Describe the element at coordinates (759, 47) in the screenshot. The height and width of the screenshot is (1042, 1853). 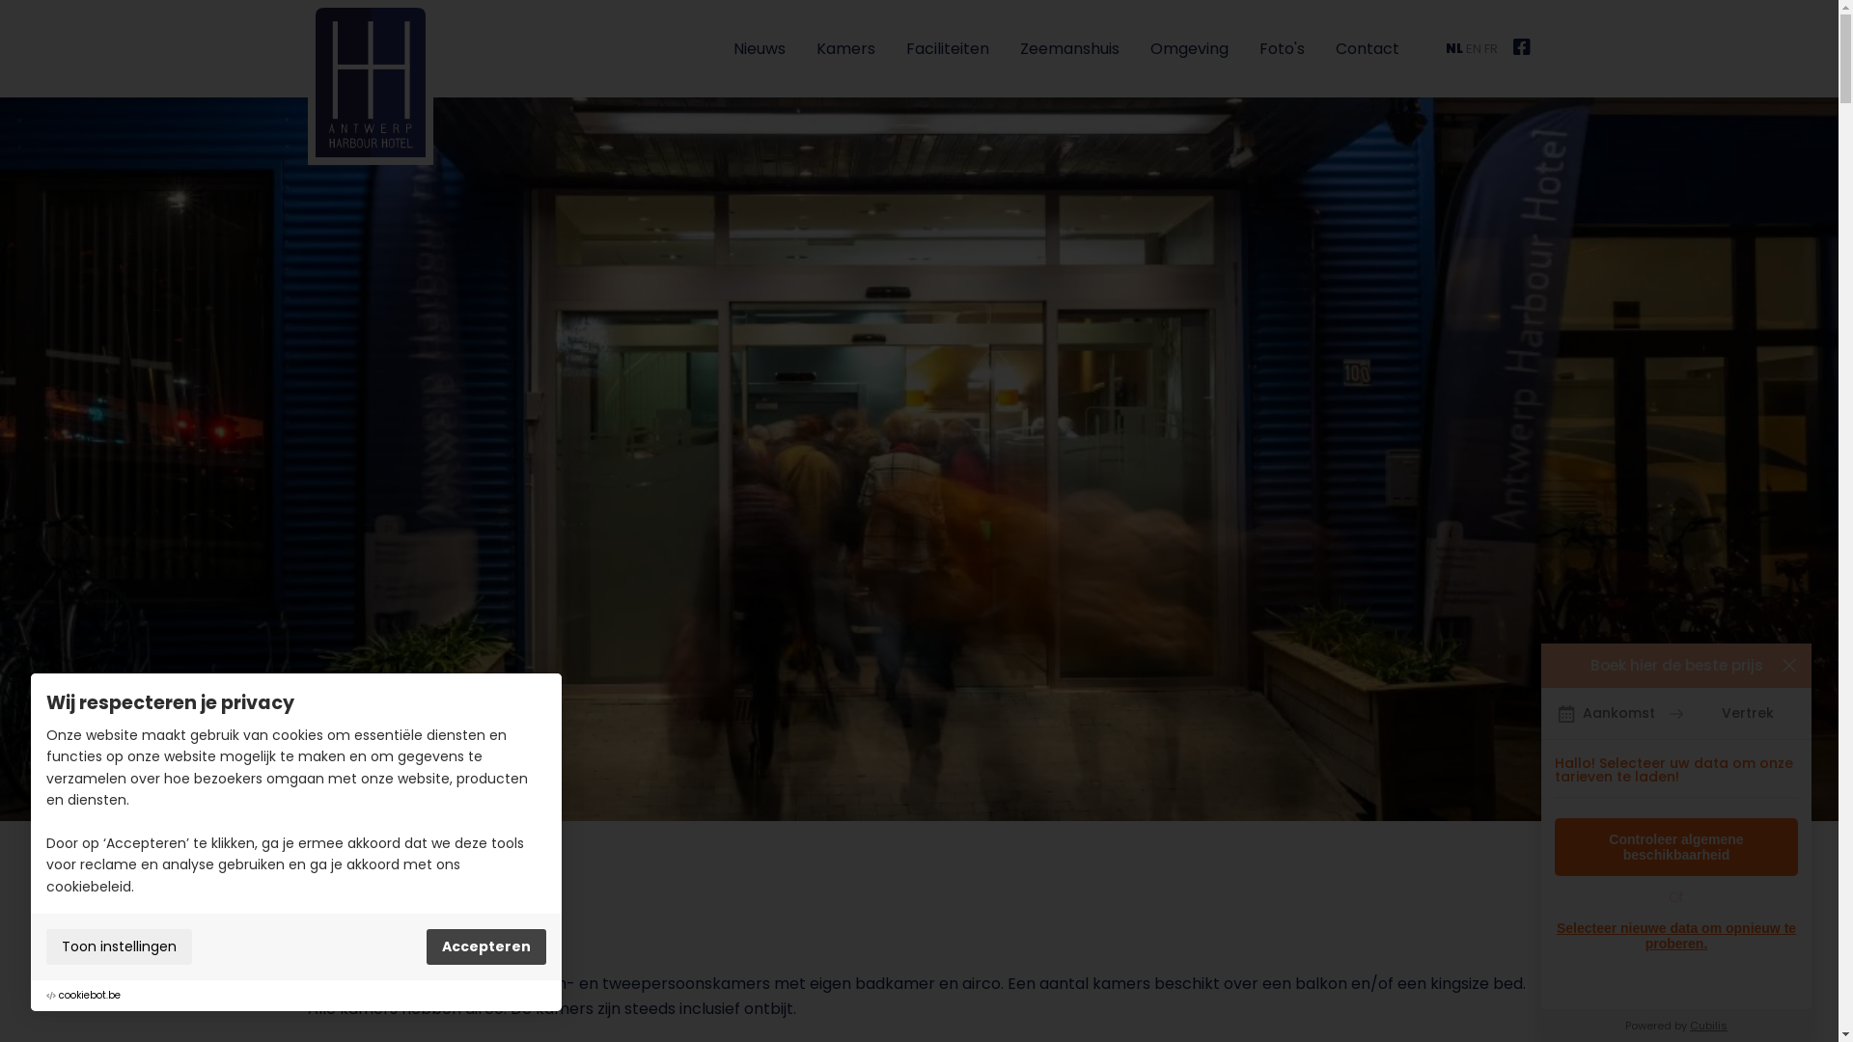
I see `'Nieuws'` at that location.